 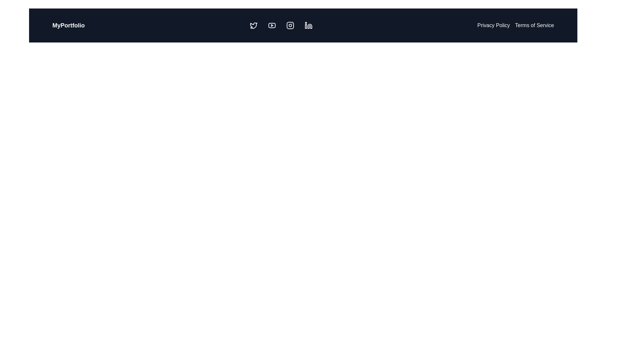 I want to click on the YouTube button, which is a rounded rectangle with a dark background and a YouTube logo icon, located in the top navigation bar as the third button in a row of four social media buttons, so click(x=272, y=25).